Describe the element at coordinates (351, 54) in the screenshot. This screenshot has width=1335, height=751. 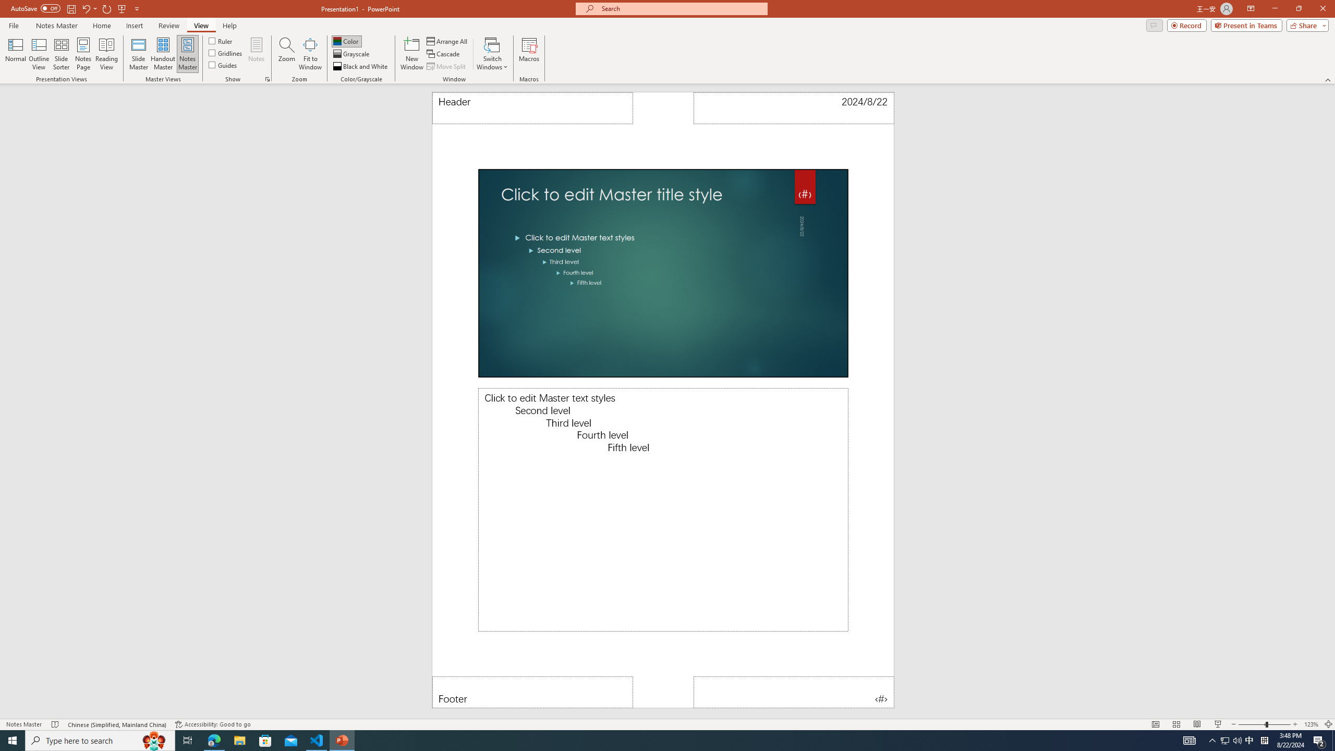
I see `'Grayscale'` at that location.